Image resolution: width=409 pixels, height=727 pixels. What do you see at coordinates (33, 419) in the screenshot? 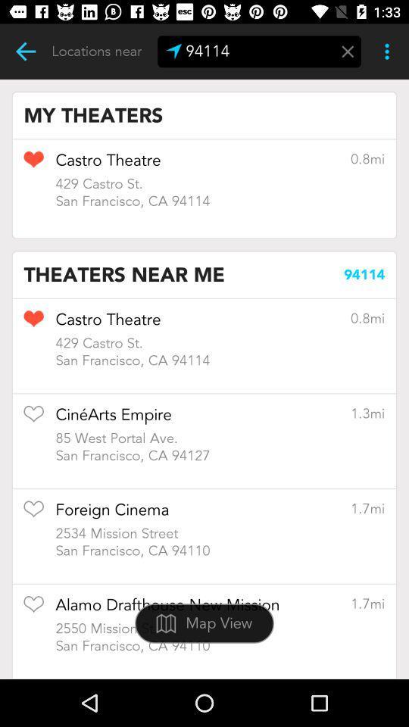
I see `mark as favorite` at bounding box center [33, 419].